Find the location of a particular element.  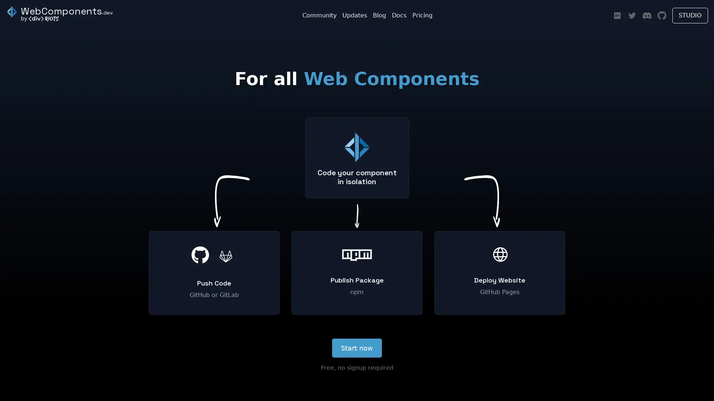

Start now is located at coordinates (357, 348).